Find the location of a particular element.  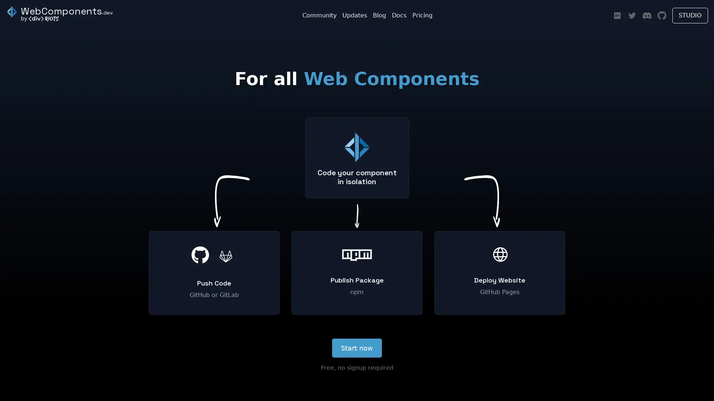

Start now is located at coordinates (357, 348).